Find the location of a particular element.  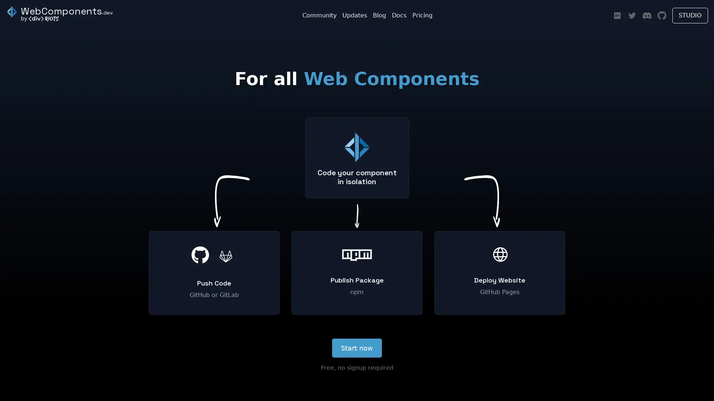

Start now is located at coordinates (357, 348).